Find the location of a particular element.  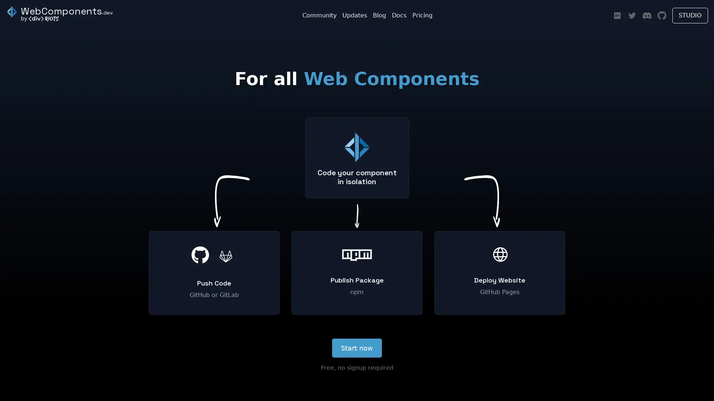

Start now is located at coordinates (357, 348).